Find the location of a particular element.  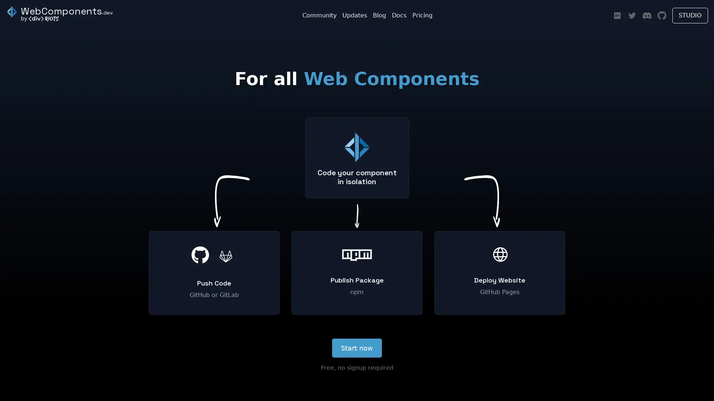

Start now is located at coordinates (357, 348).